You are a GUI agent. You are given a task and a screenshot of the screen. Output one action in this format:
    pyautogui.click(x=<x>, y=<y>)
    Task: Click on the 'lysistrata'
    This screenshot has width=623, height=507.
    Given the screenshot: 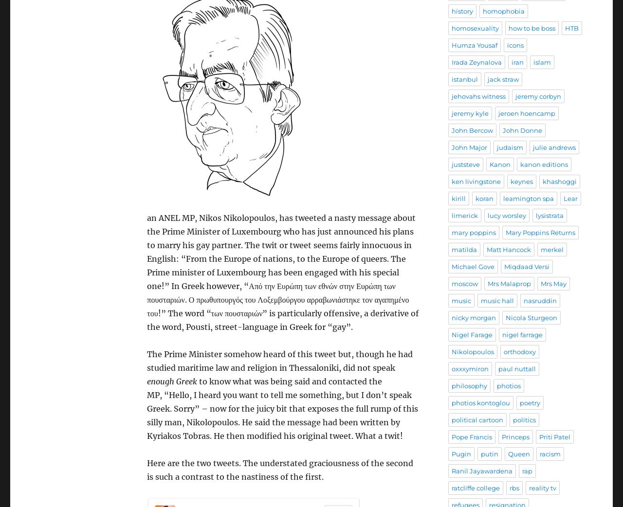 What is the action you would take?
    pyautogui.click(x=550, y=215)
    